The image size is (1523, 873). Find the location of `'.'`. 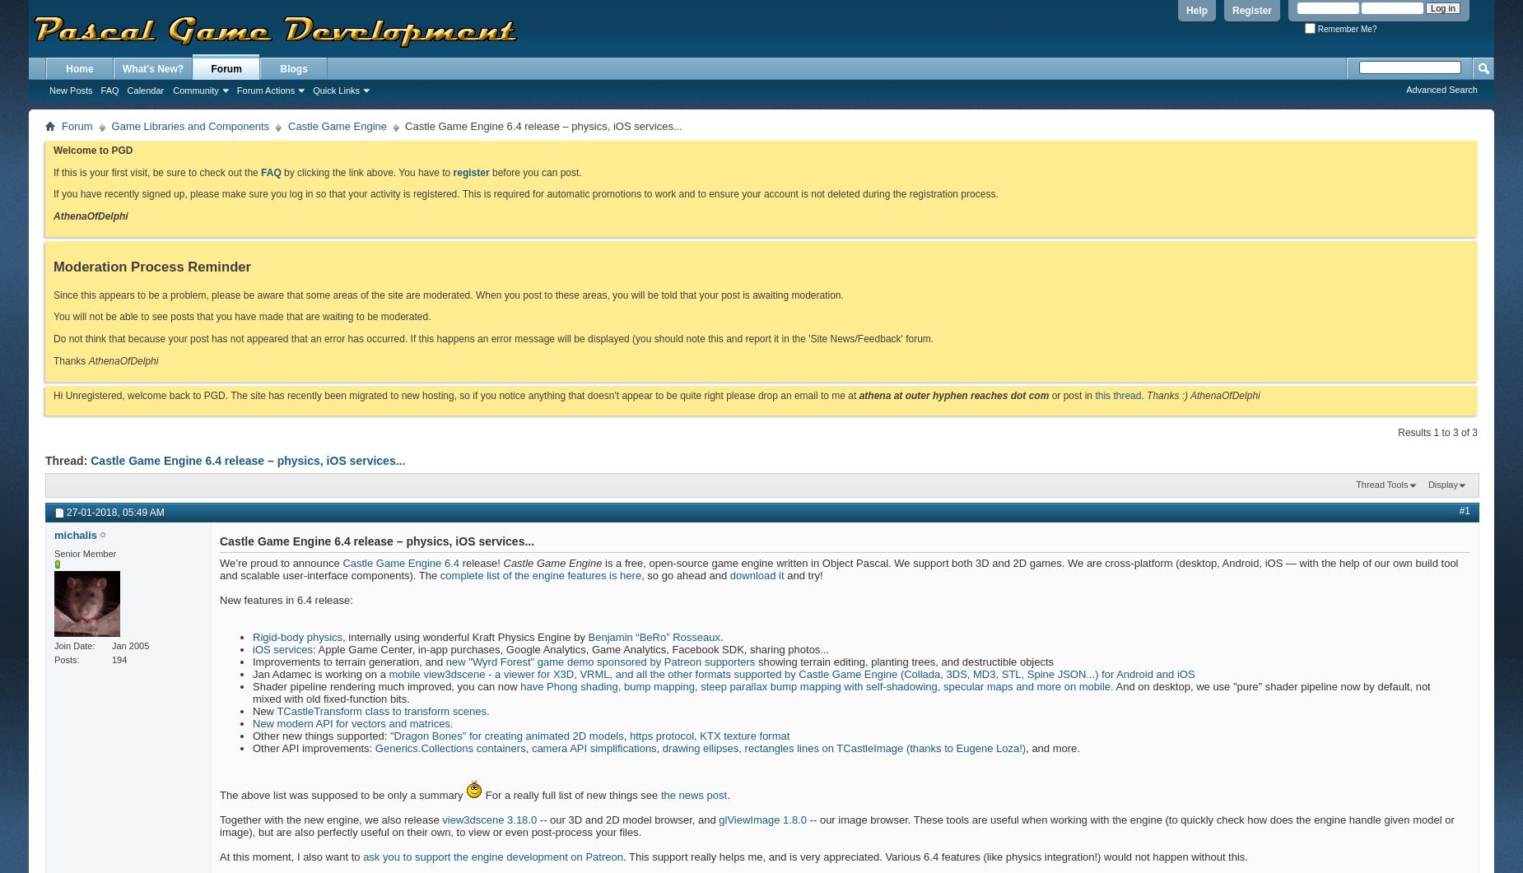

'.' is located at coordinates (1143, 394).